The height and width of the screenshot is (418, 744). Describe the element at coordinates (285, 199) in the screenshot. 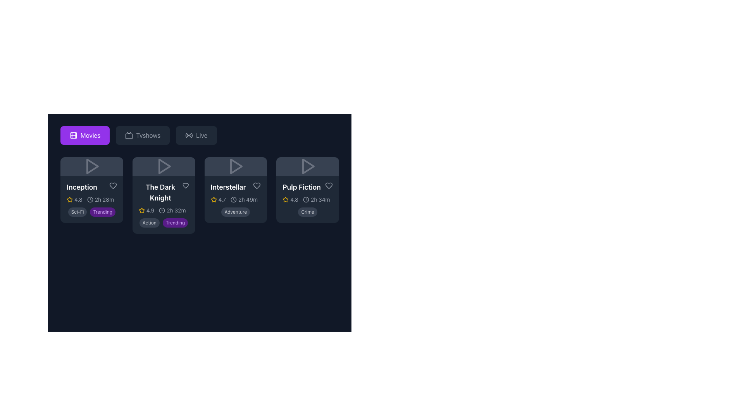

I see `the rating icon for the movie 'Pulp Fiction', which visually indicates its rating of 4.8` at that location.